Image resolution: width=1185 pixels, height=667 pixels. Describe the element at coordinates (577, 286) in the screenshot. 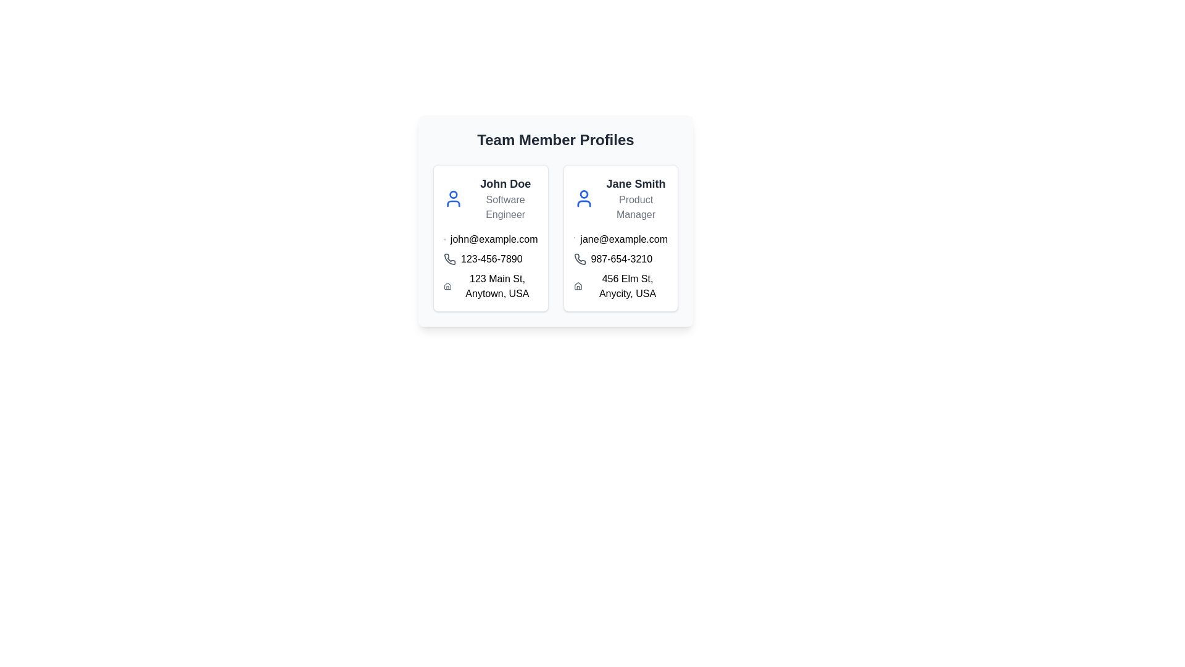

I see `the house icon representing Jane Smith's address section, located in the Team Member Profiles component` at that location.